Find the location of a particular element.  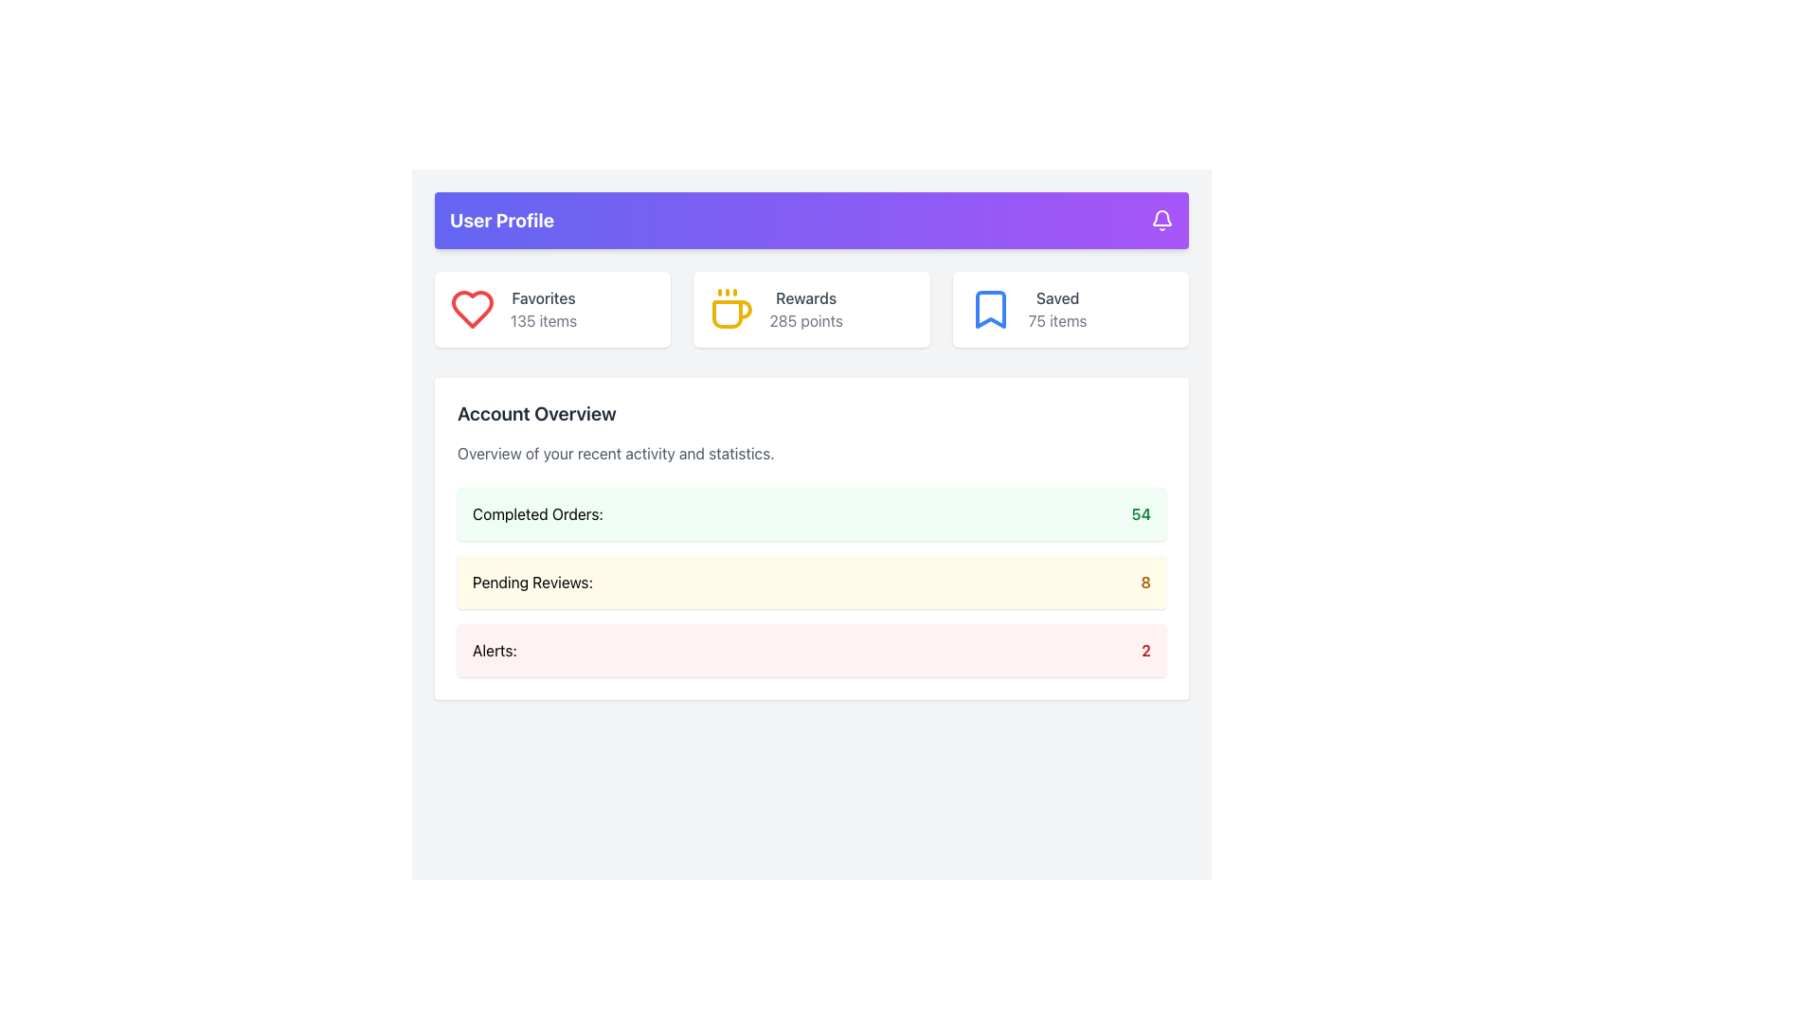

the Static Text element displaying the alert count of '2' located in the 'Account Overview' panel, next to 'Alerts:' is located at coordinates (1144, 649).